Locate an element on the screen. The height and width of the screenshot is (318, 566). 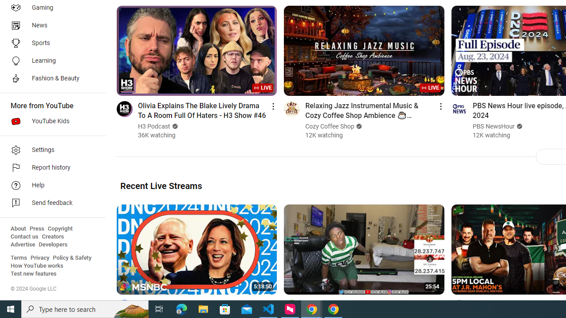
'Verified' is located at coordinates (518, 126).